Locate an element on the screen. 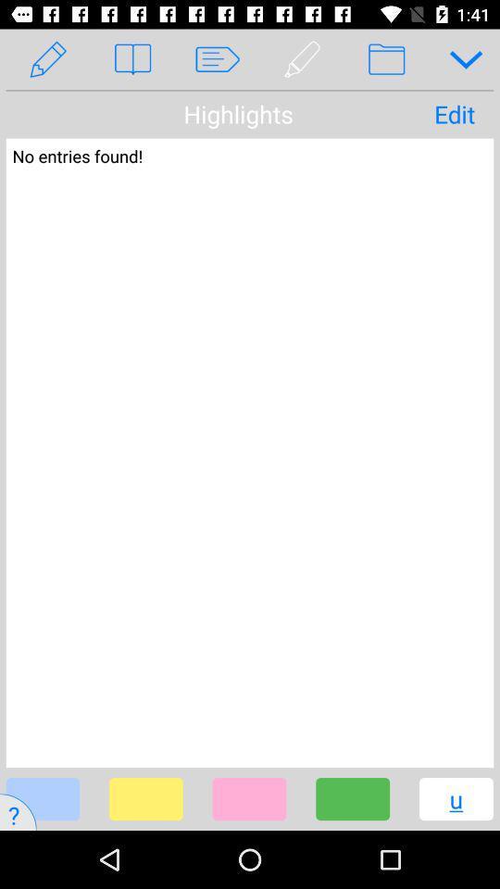 This screenshot has width=500, height=889. the edit icon is located at coordinates (302, 59).